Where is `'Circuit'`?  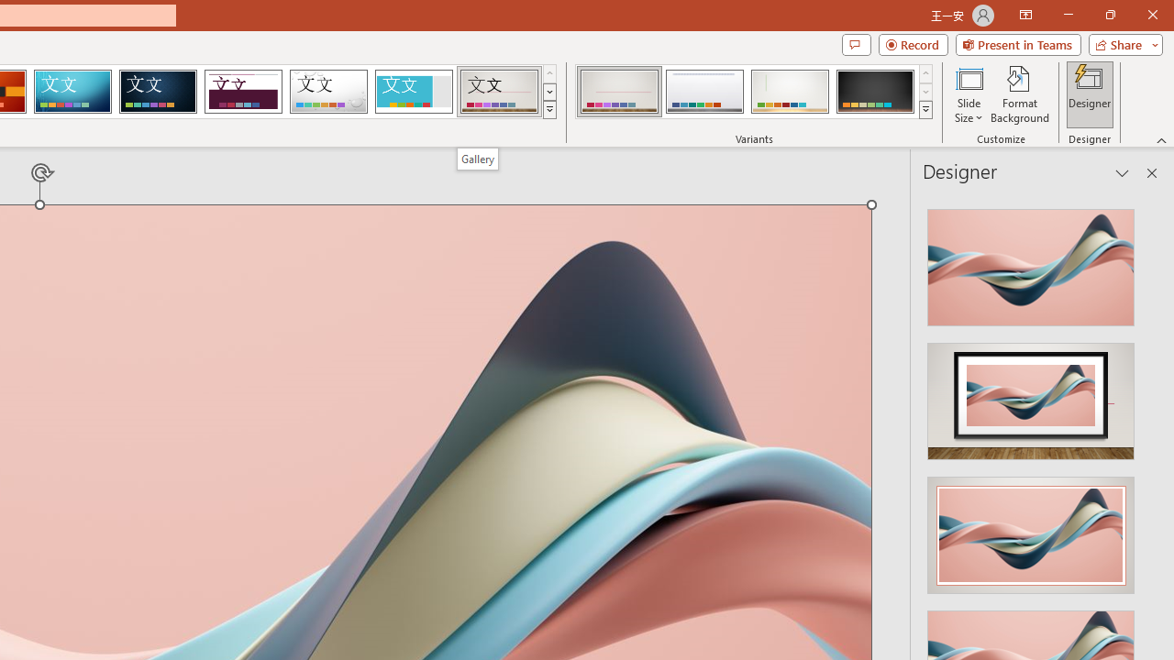
'Circuit' is located at coordinates (72, 92).